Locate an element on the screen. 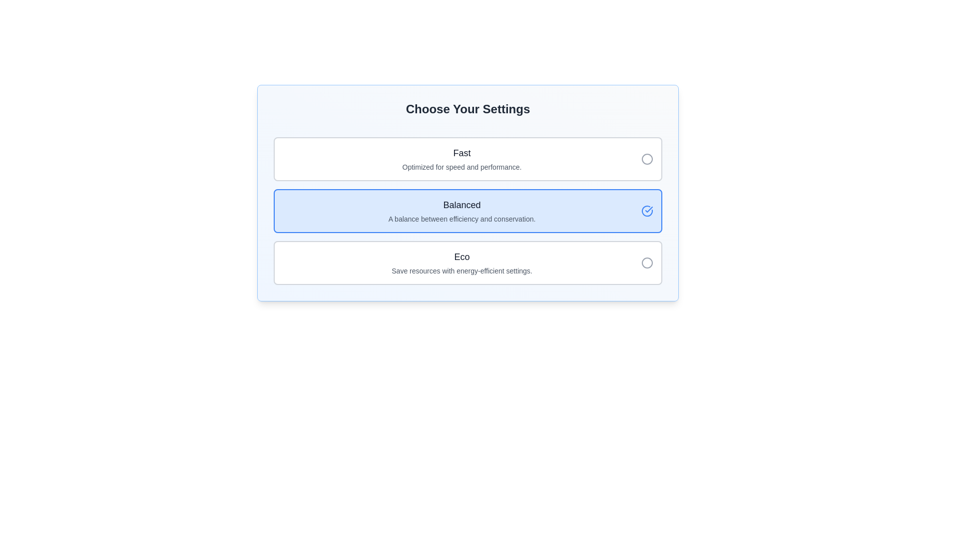 The width and height of the screenshot is (959, 539). the Circular Indicator element labeled 'Eco' in the energy-saving settings menu, located on the far-right side of the option is located at coordinates (647, 263).